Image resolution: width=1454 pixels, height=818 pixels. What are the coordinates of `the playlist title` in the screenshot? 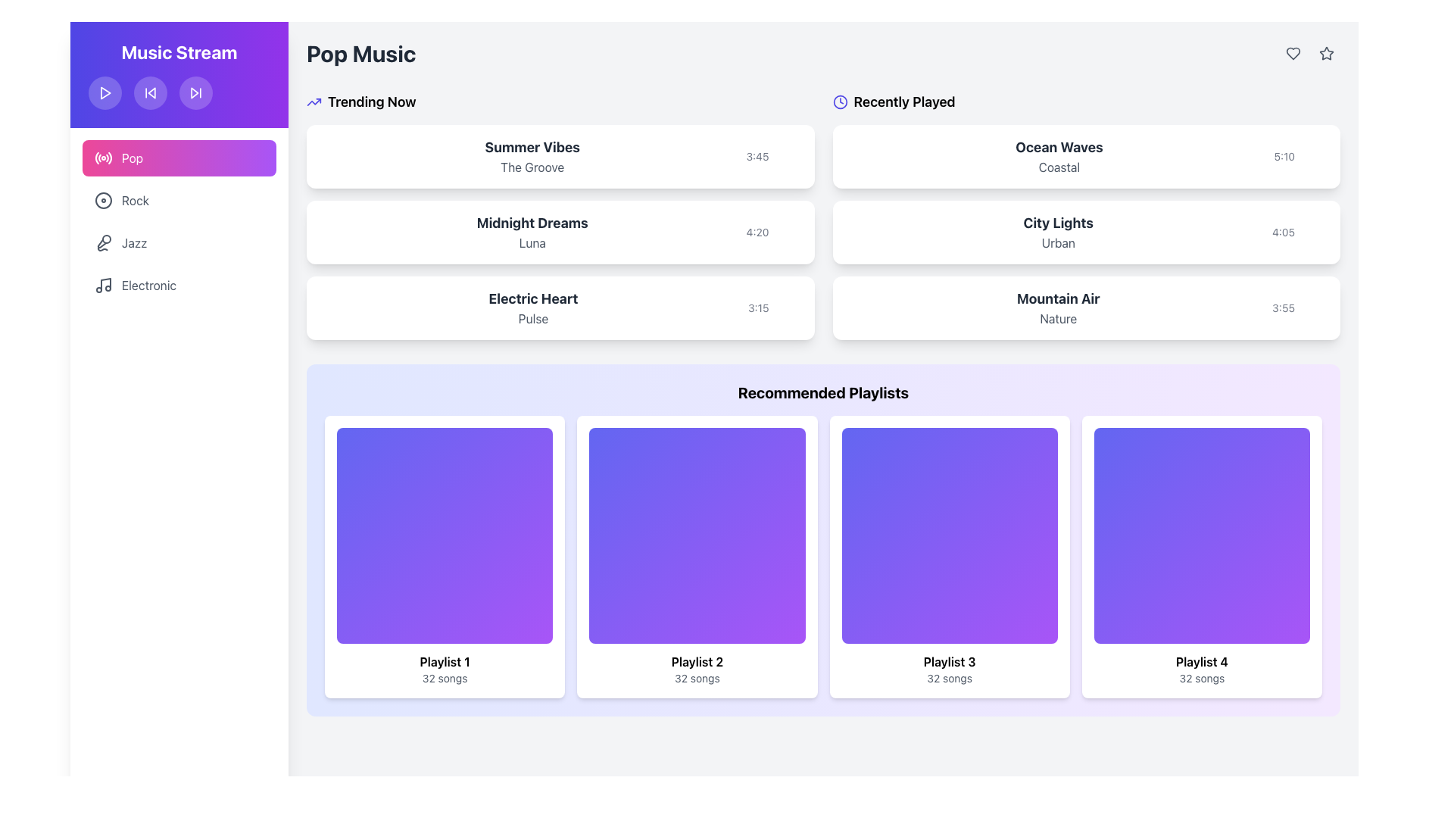 It's located at (949, 661).